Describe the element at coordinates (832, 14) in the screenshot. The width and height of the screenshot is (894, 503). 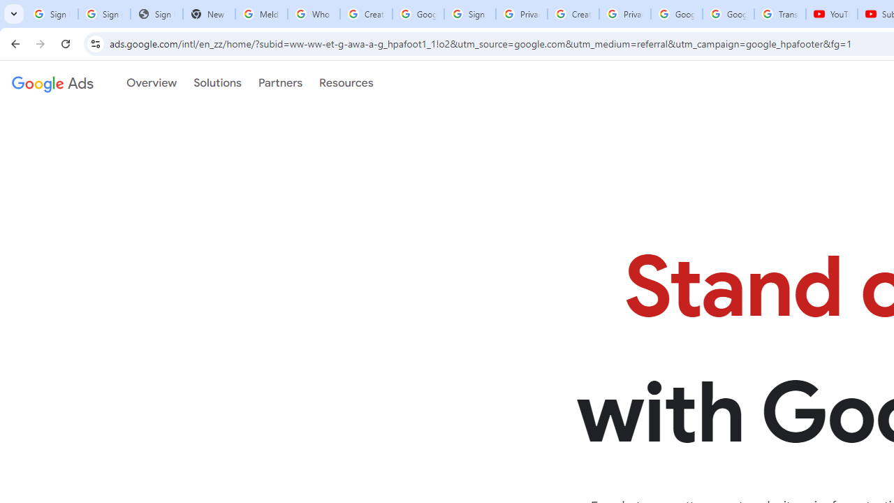
I see `'YouTube'` at that location.